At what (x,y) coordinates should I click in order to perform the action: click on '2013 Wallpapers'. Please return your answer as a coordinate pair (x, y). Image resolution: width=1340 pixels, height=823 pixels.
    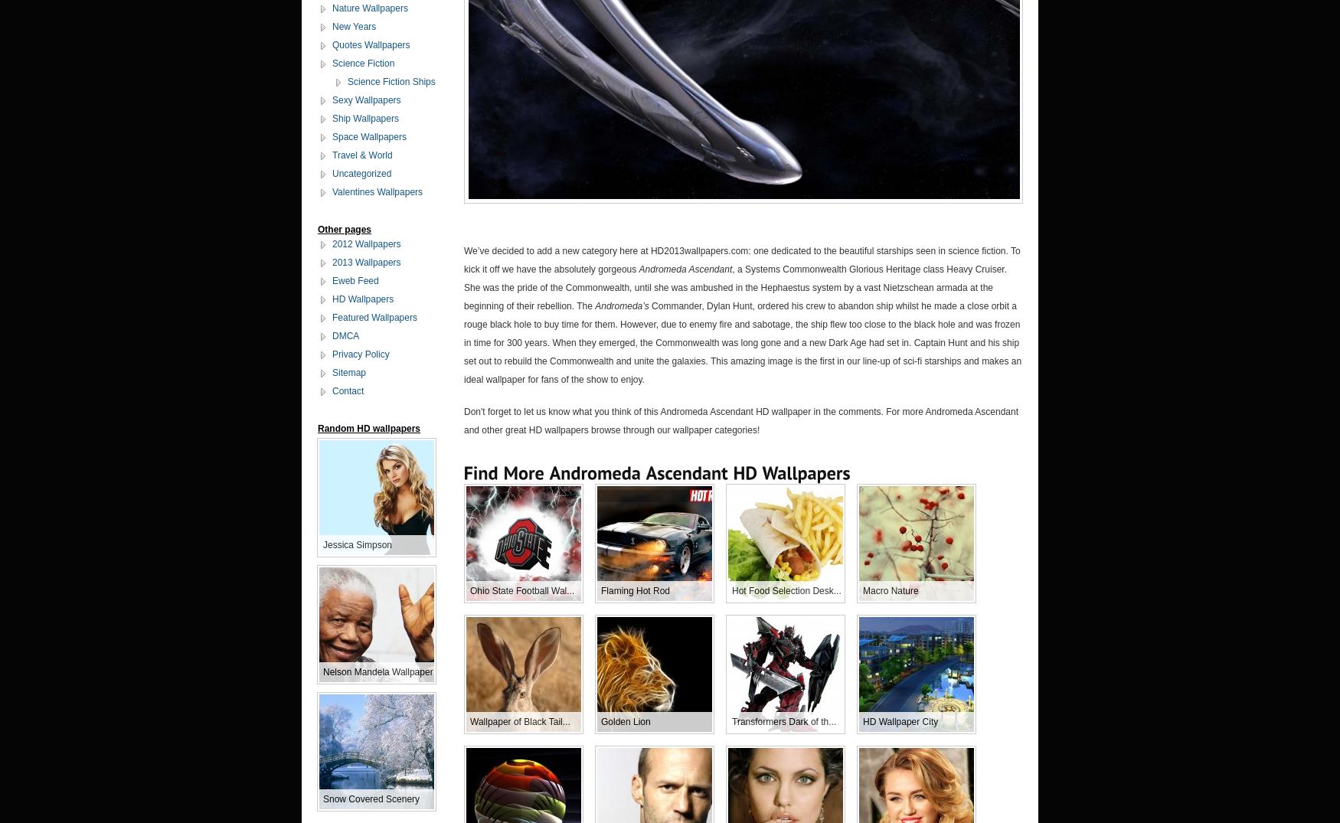
    Looking at the image, I should click on (366, 263).